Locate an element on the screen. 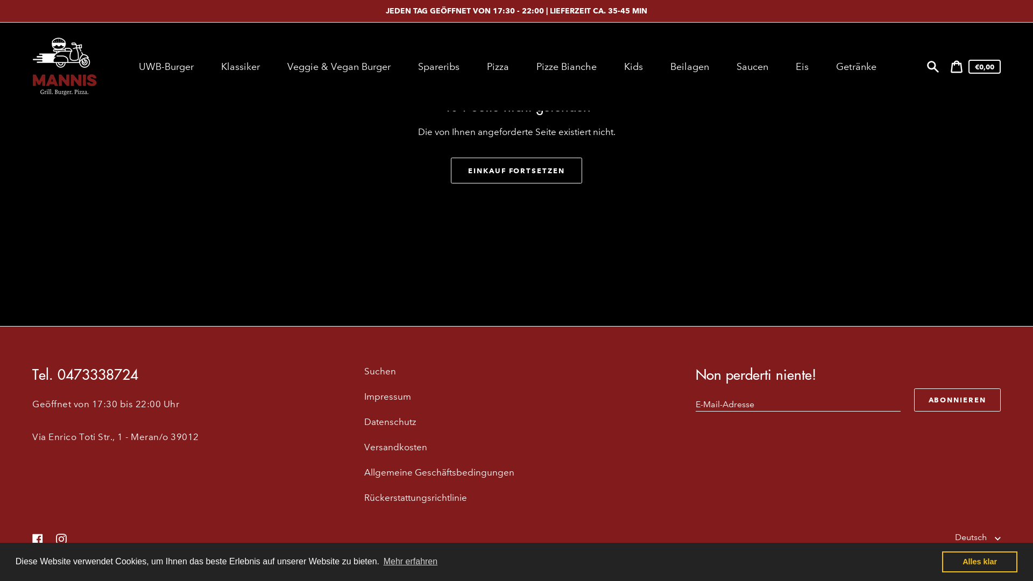 Image resolution: width=1033 pixels, height=581 pixels. 'Kids' is located at coordinates (635, 66).